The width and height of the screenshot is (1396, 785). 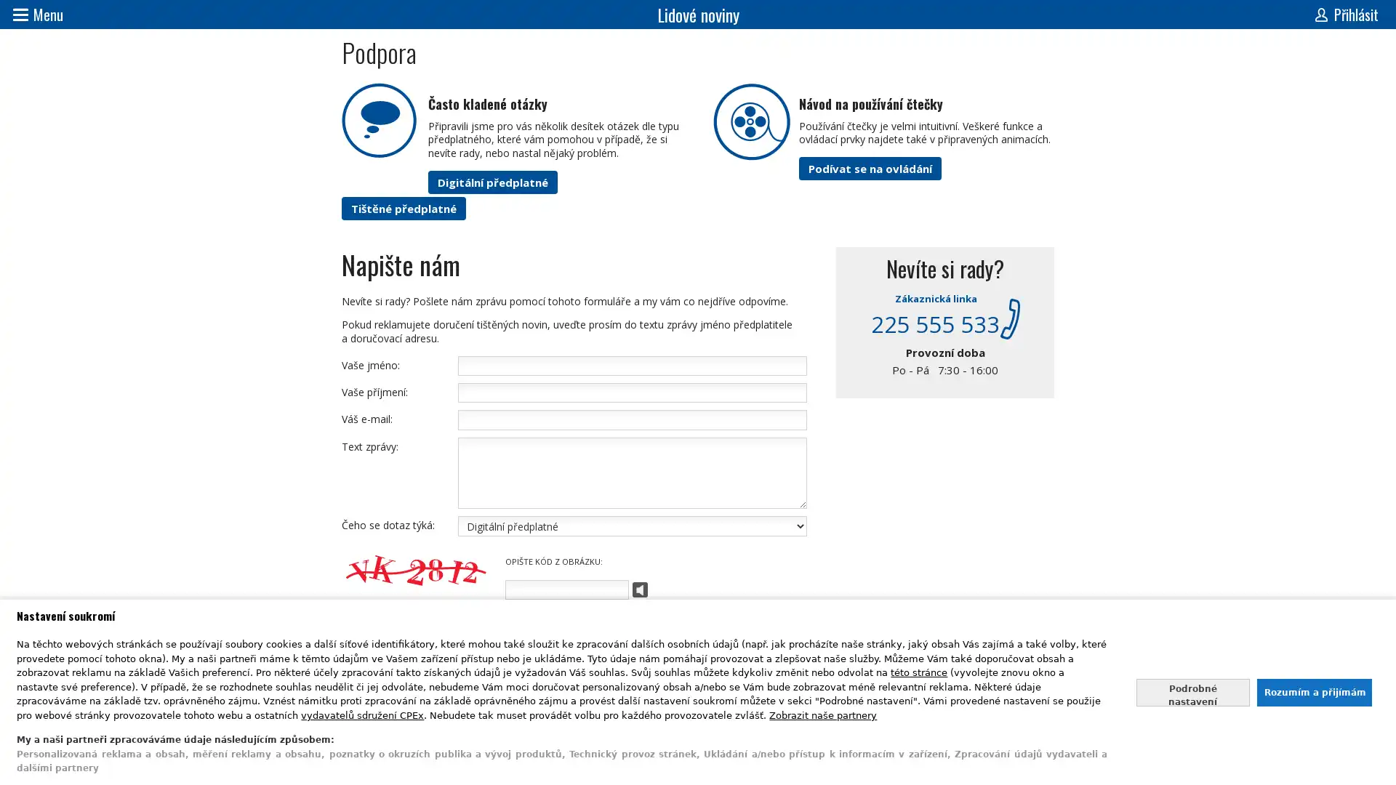 What do you see at coordinates (823, 714) in the screenshot?
I see `Zobrazit nase partnery` at bounding box center [823, 714].